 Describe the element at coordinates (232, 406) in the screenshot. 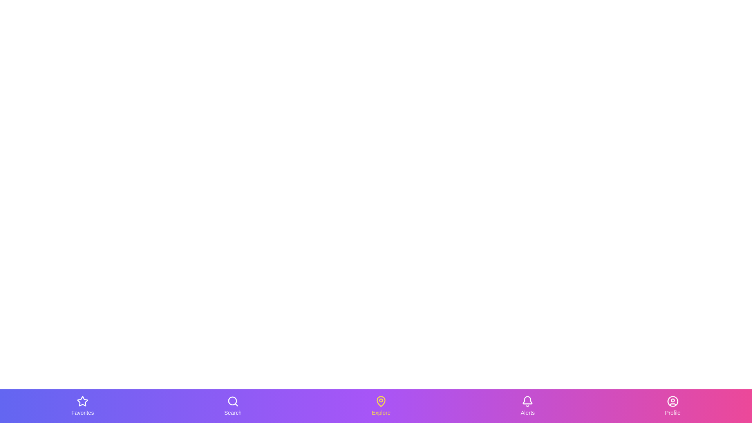

I see `the Search tab to activate it` at that location.